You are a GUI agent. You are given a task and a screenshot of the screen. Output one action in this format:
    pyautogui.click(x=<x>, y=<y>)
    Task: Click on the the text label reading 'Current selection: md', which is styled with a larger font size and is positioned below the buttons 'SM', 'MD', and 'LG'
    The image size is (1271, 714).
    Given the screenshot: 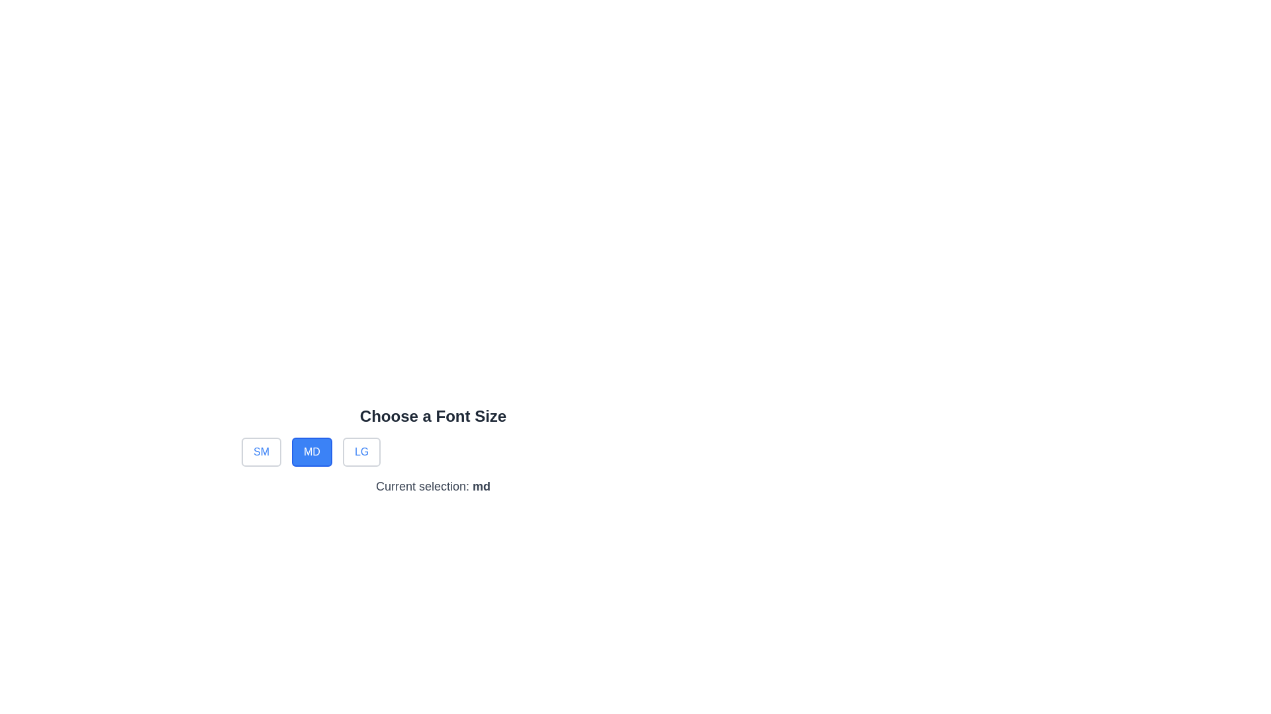 What is the action you would take?
    pyautogui.click(x=433, y=487)
    